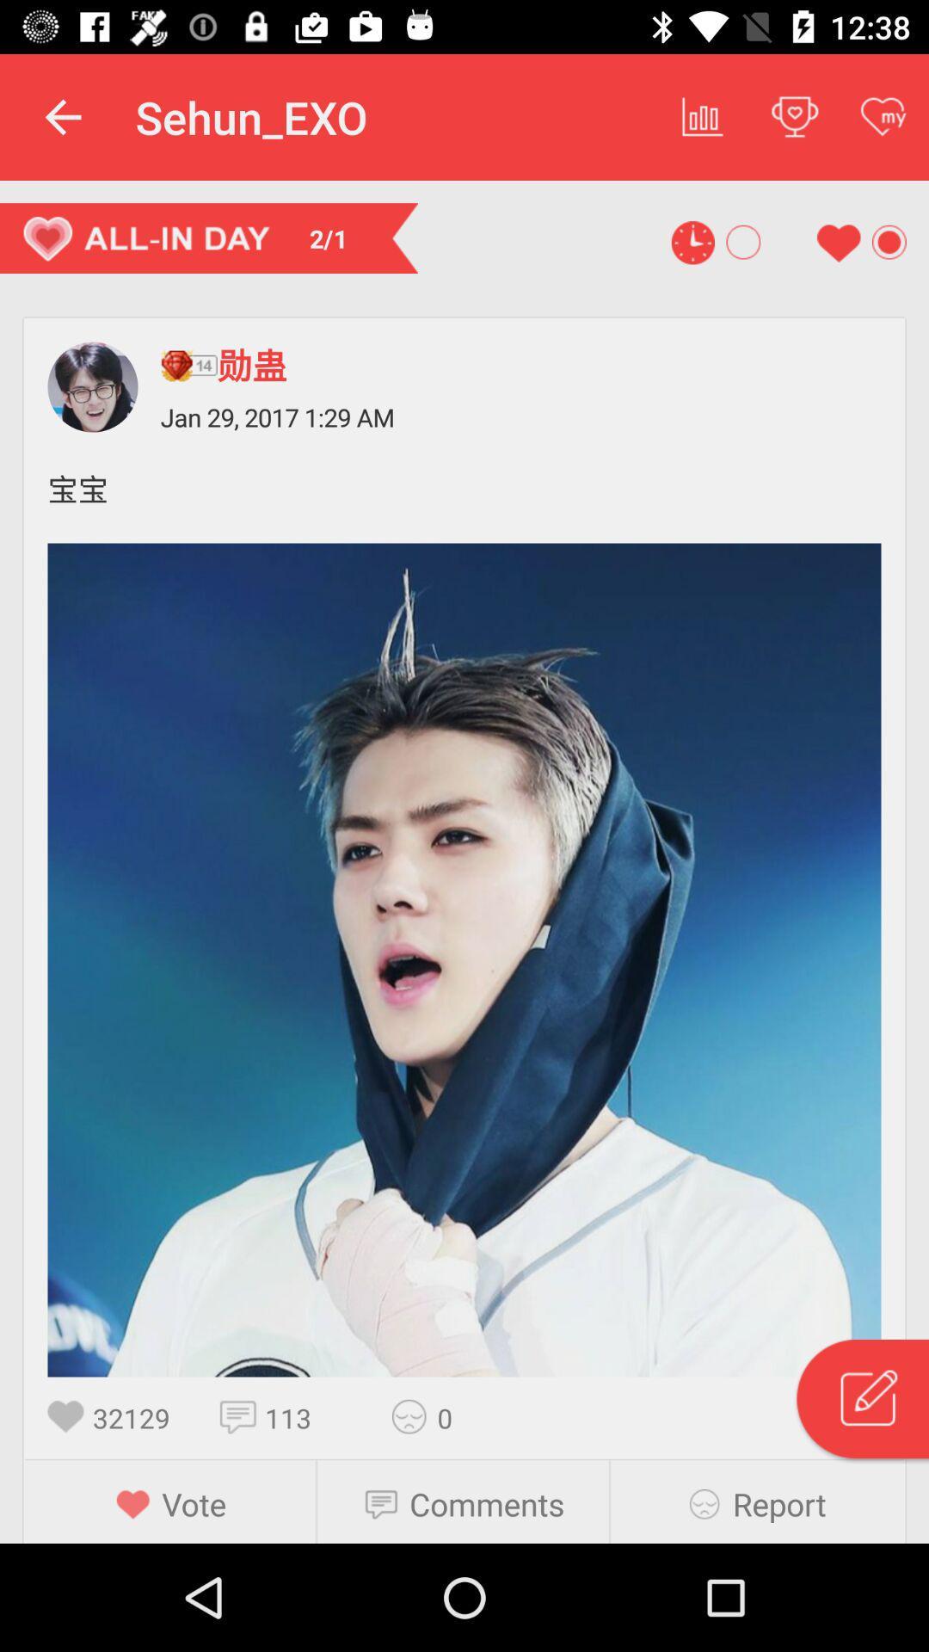 The image size is (929, 1652). Describe the element at coordinates (138, 1418) in the screenshot. I see `32129 icon` at that location.